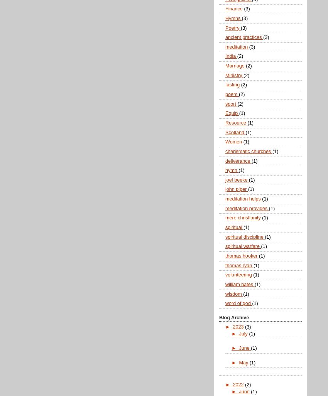 The image size is (328, 396). Describe the element at coordinates (225, 142) in the screenshot. I see `'Women'` at that location.